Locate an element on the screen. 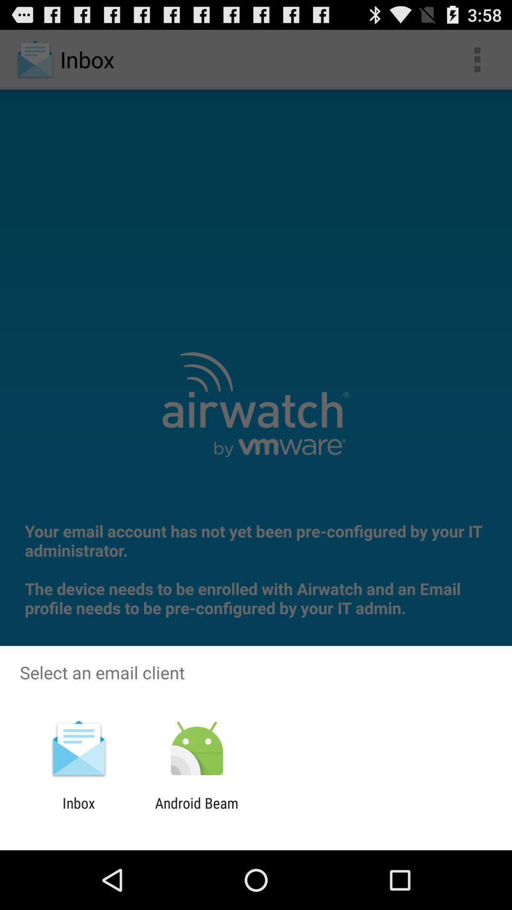 This screenshot has height=910, width=512. android beam item is located at coordinates (196, 811).